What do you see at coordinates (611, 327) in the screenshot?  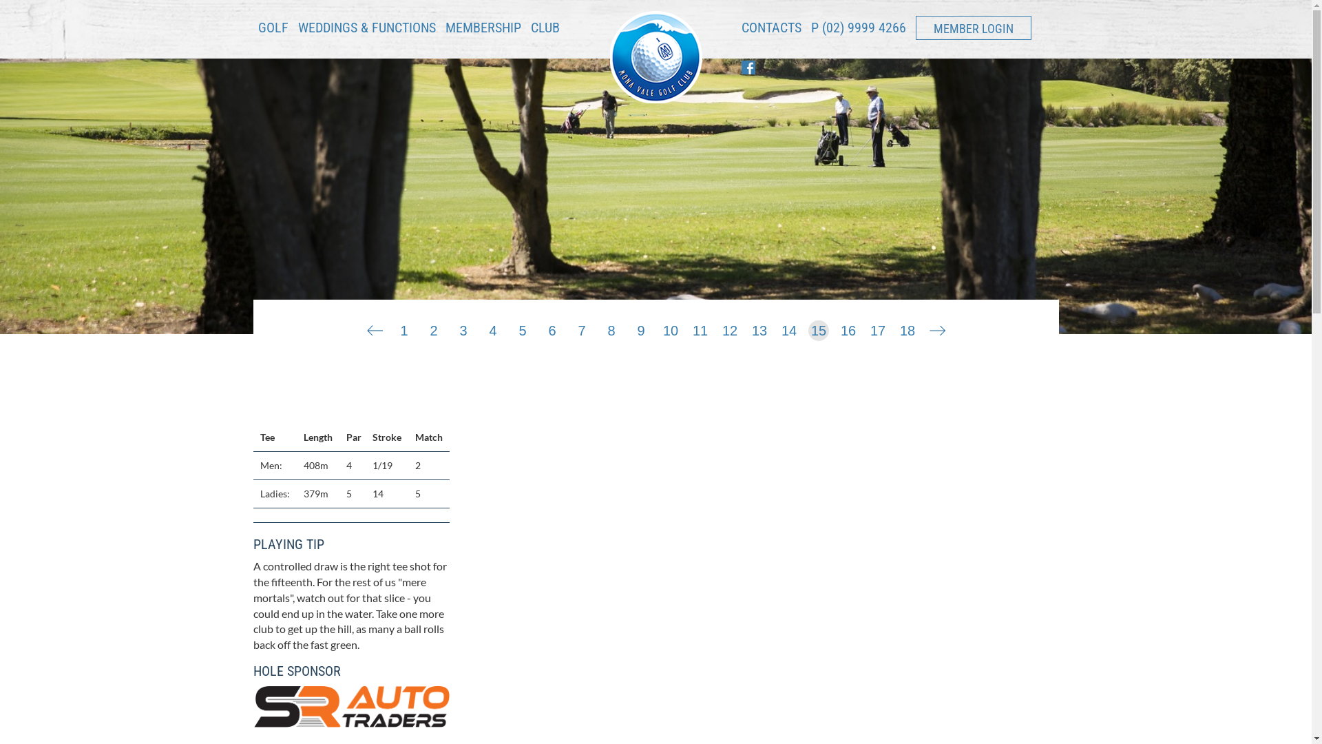 I see `'8'` at bounding box center [611, 327].